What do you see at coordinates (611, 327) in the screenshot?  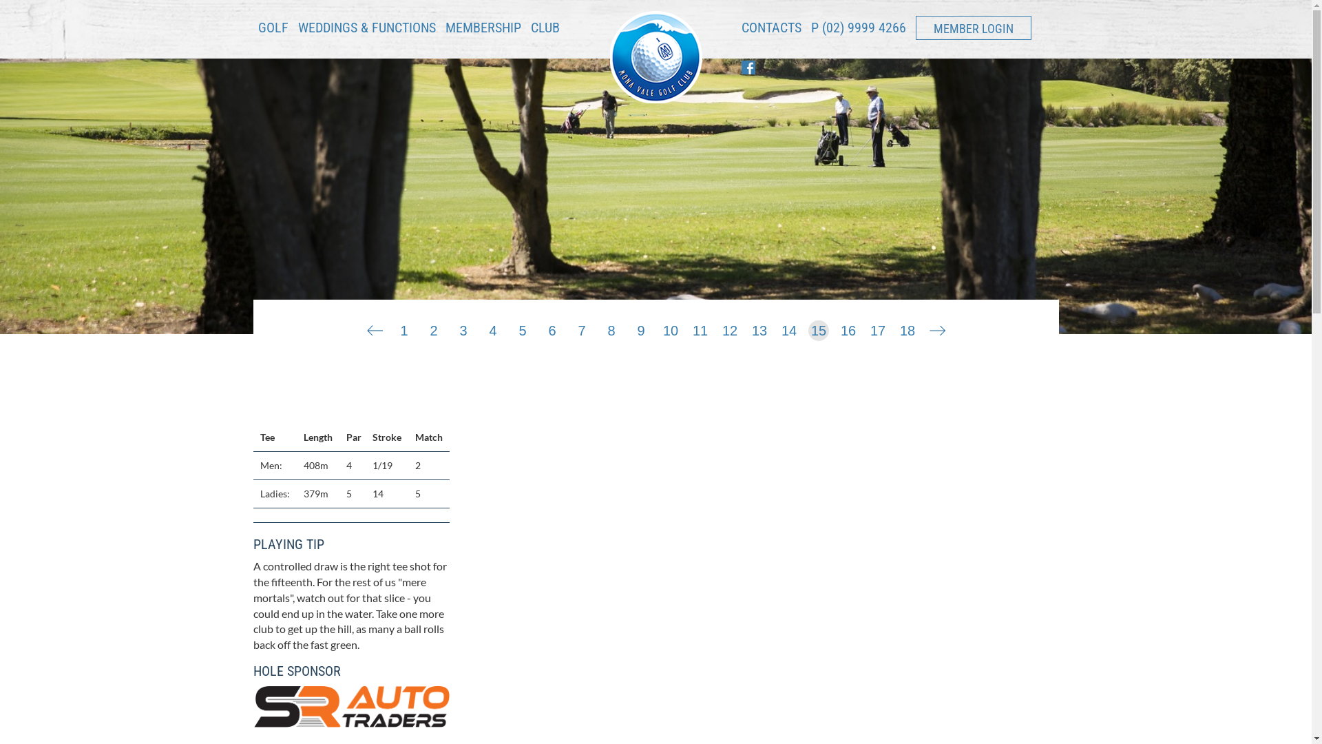 I see `'8'` at bounding box center [611, 327].